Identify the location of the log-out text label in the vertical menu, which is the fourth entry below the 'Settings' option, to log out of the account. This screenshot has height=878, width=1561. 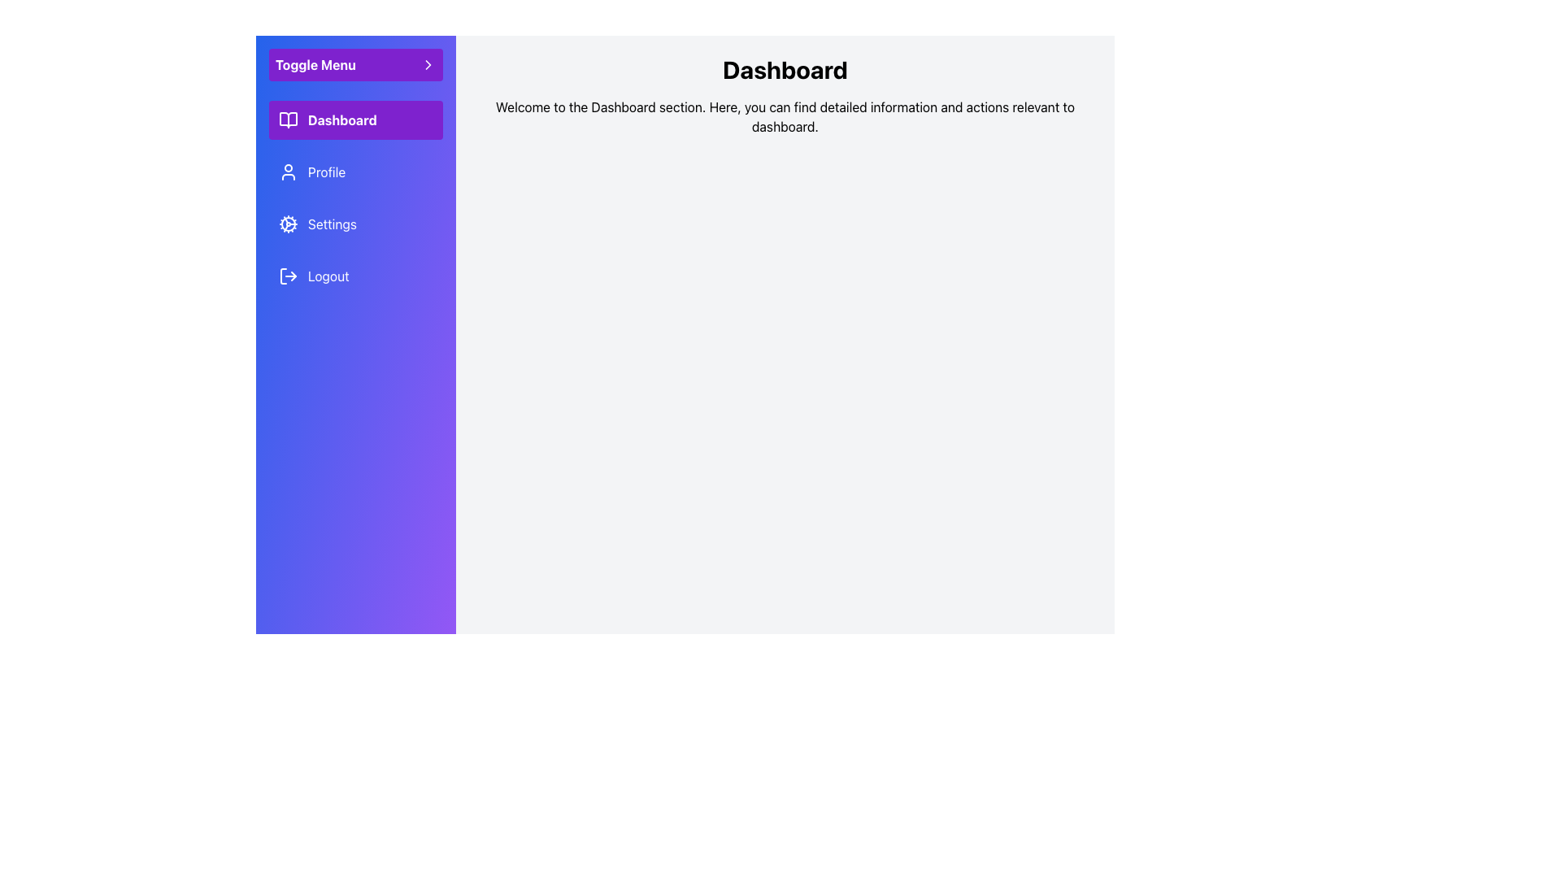
(328, 275).